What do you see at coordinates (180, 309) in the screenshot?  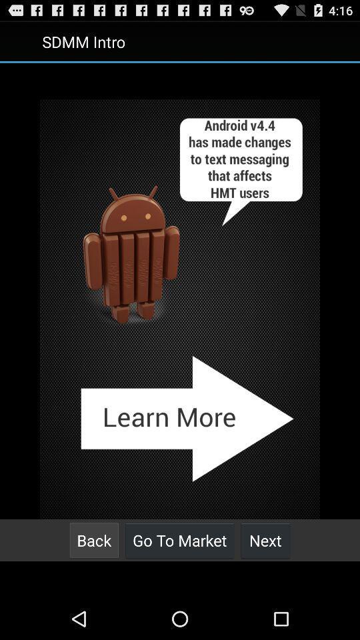 I see `item above back` at bounding box center [180, 309].